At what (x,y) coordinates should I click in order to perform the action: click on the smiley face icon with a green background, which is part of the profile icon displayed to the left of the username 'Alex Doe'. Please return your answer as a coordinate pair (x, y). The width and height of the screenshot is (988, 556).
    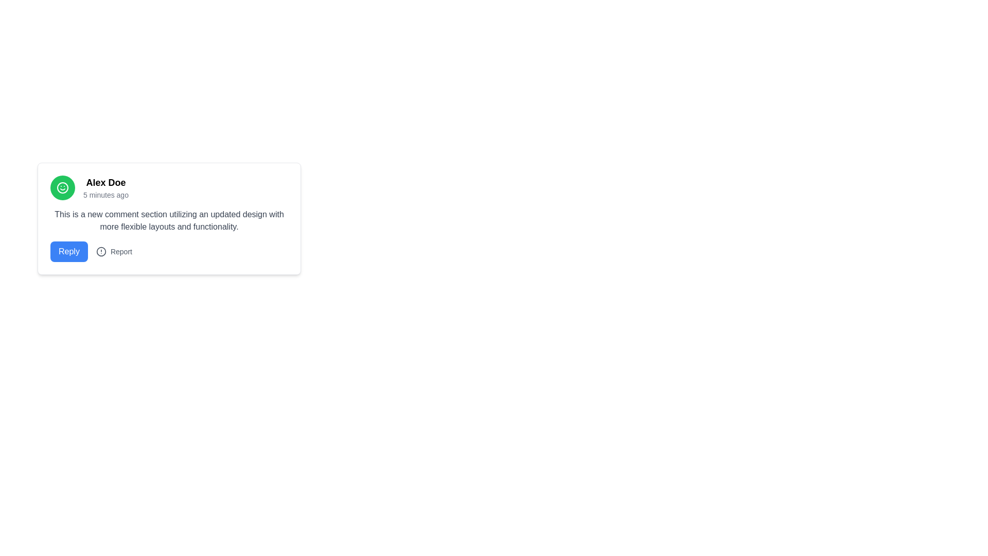
    Looking at the image, I should click on (62, 188).